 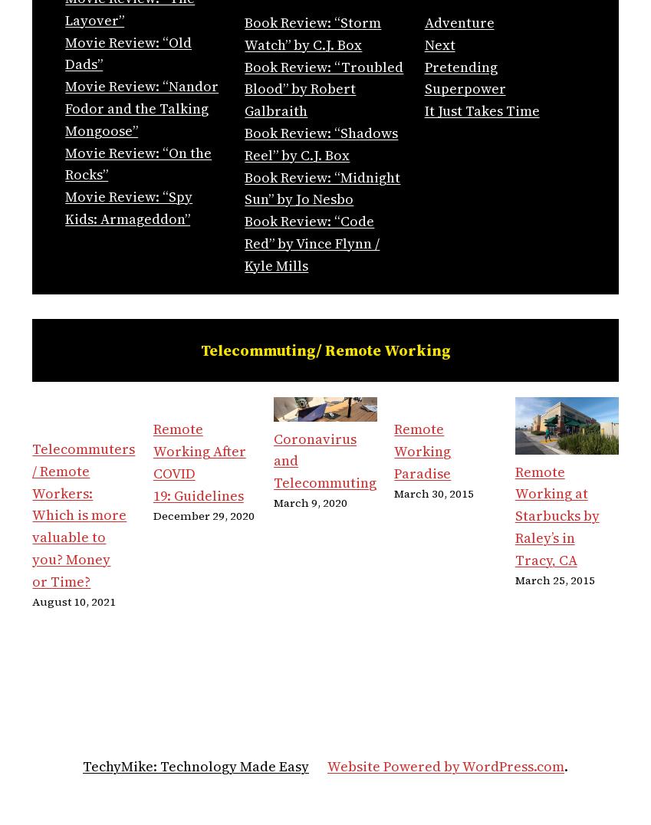 What do you see at coordinates (31, 600) in the screenshot?
I see `'August 10, 2021'` at bounding box center [31, 600].